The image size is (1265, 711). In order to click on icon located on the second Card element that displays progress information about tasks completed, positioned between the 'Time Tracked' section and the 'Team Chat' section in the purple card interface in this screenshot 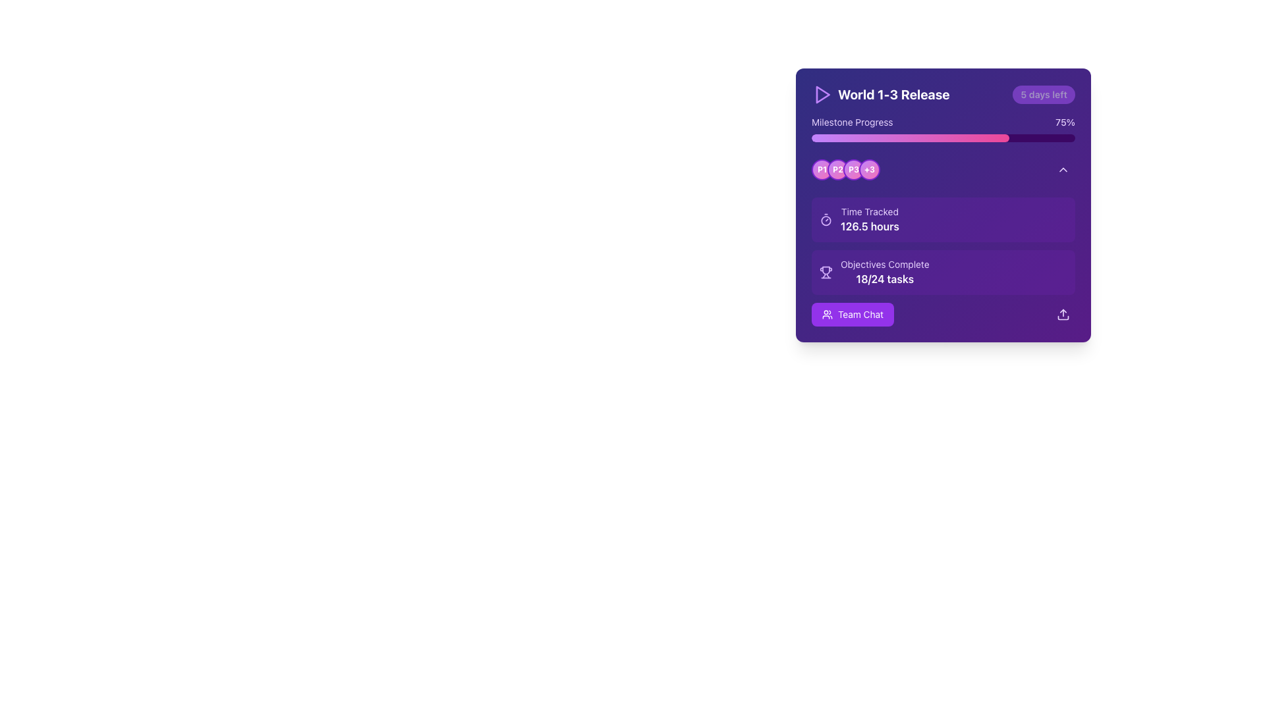, I will do `click(942, 271)`.